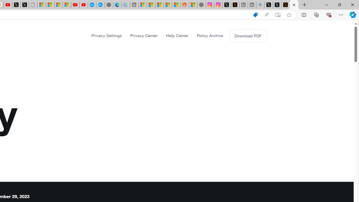 The width and height of the screenshot is (359, 202). I want to click on 'Enter Immersive Reader (F9)', so click(278, 15).